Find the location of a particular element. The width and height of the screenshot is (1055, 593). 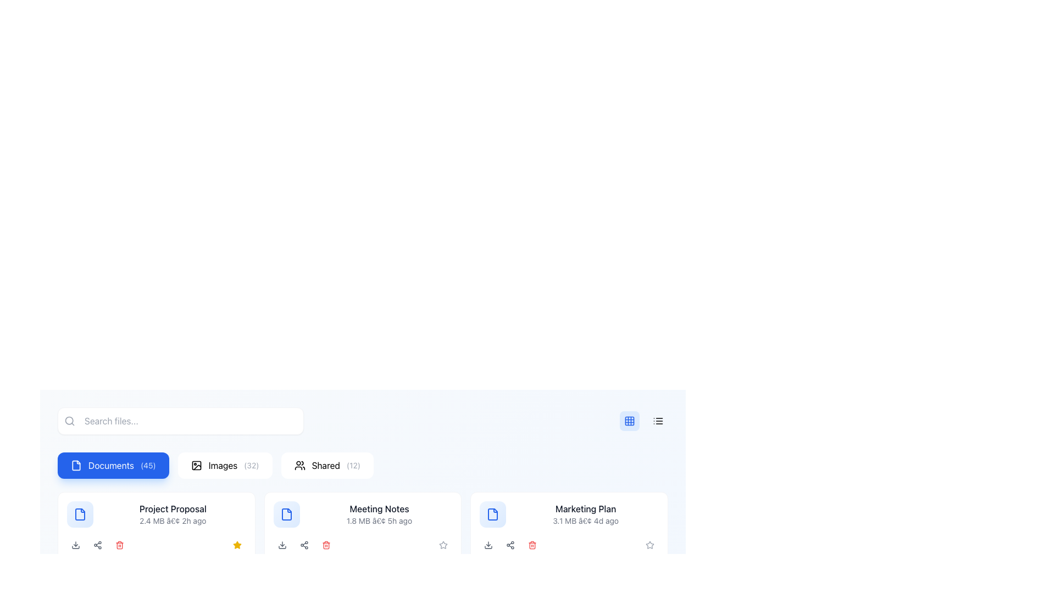

the share symbol icon, which is the third icon in the file actions section for 'Marketing Plan' is located at coordinates (510, 545).